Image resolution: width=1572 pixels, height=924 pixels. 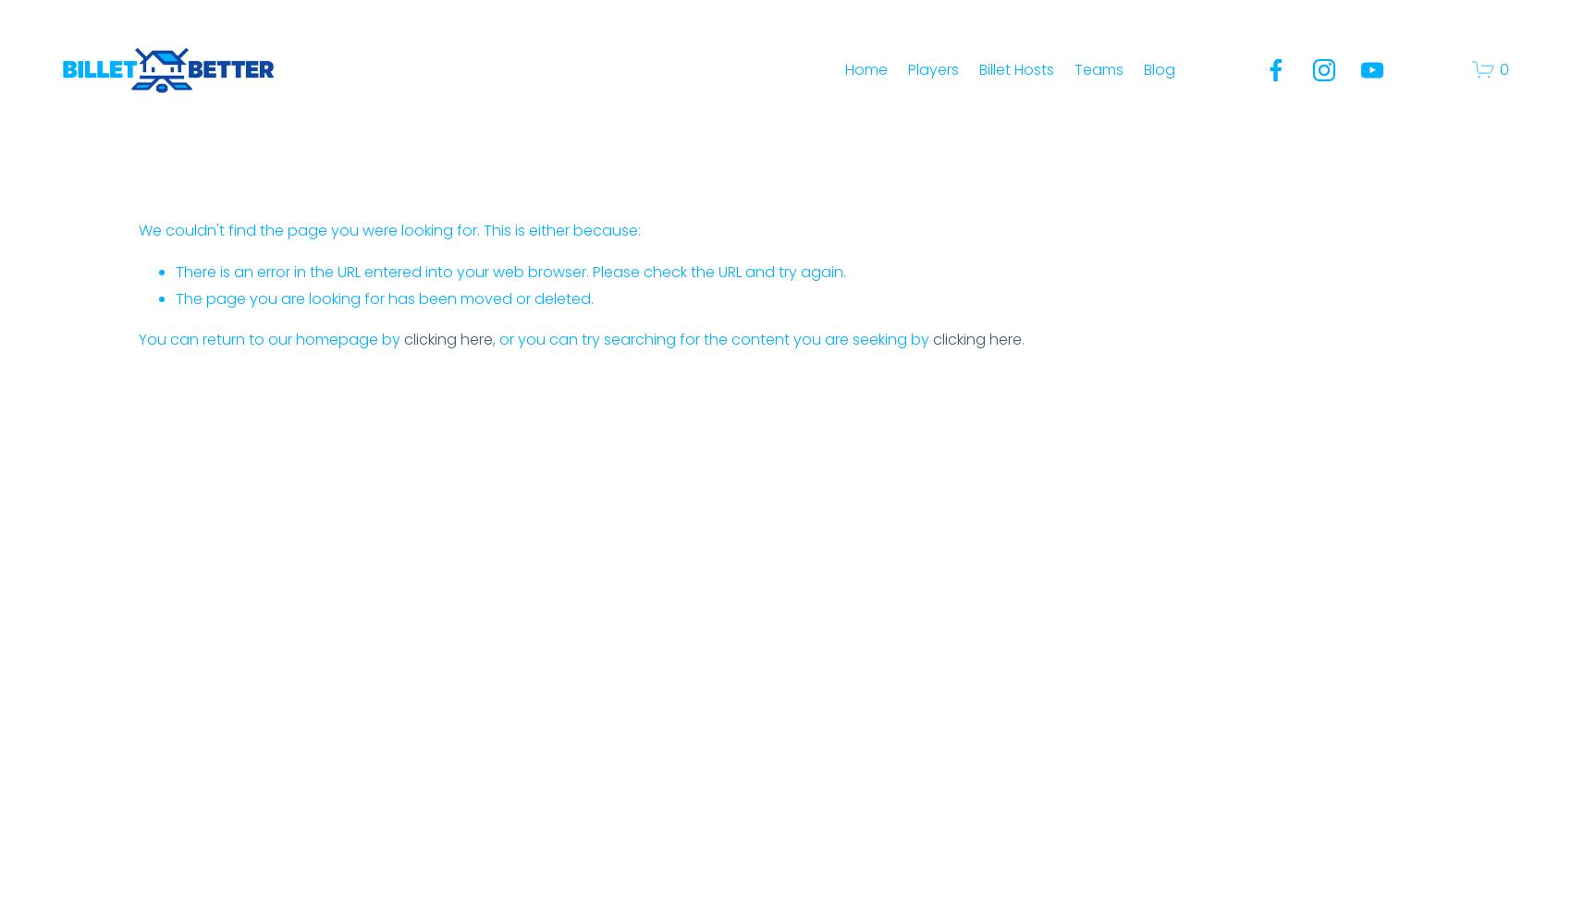 I want to click on 'Teams', so click(x=1098, y=67).